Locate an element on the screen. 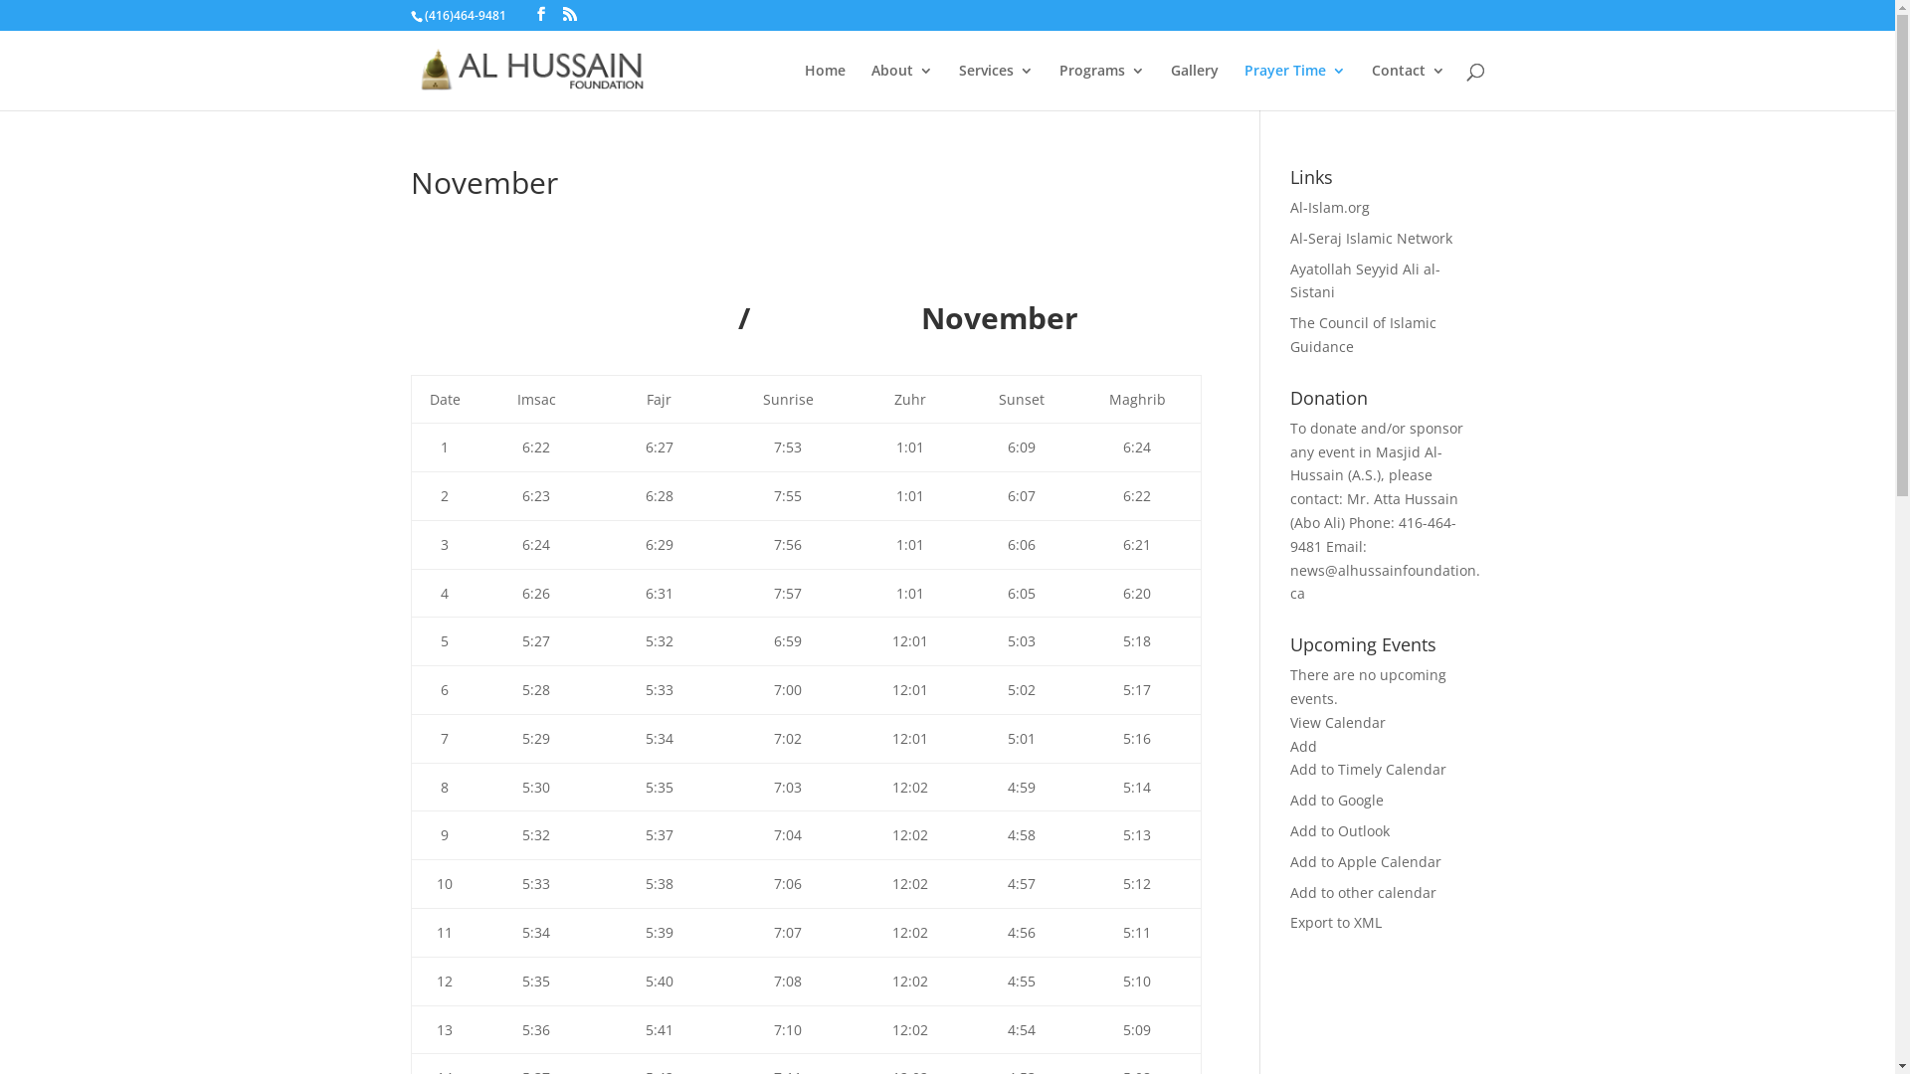 Image resolution: width=1910 pixels, height=1074 pixels. 'Add to other calendar' is located at coordinates (1362, 891).